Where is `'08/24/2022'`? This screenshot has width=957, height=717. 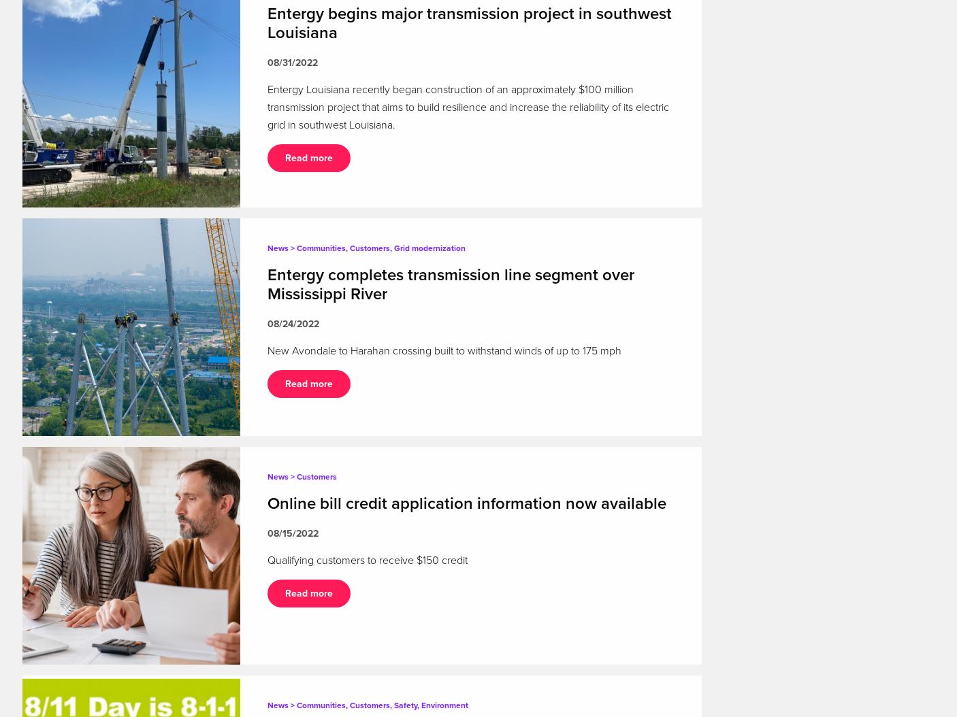 '08/24/2022' is located at coordinates (293, 322).